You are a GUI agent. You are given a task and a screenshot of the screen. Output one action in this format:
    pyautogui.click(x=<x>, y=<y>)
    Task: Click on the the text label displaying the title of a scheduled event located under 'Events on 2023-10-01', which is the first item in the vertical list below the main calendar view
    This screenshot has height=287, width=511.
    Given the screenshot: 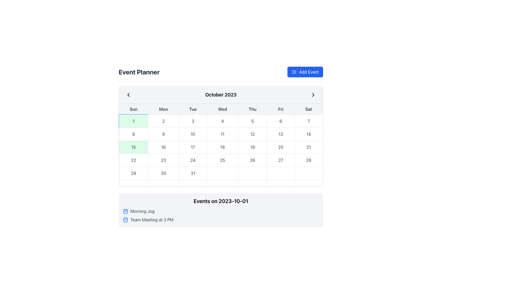 What is the action you would take?
    pyautogui.click(x=142, y=211)
    